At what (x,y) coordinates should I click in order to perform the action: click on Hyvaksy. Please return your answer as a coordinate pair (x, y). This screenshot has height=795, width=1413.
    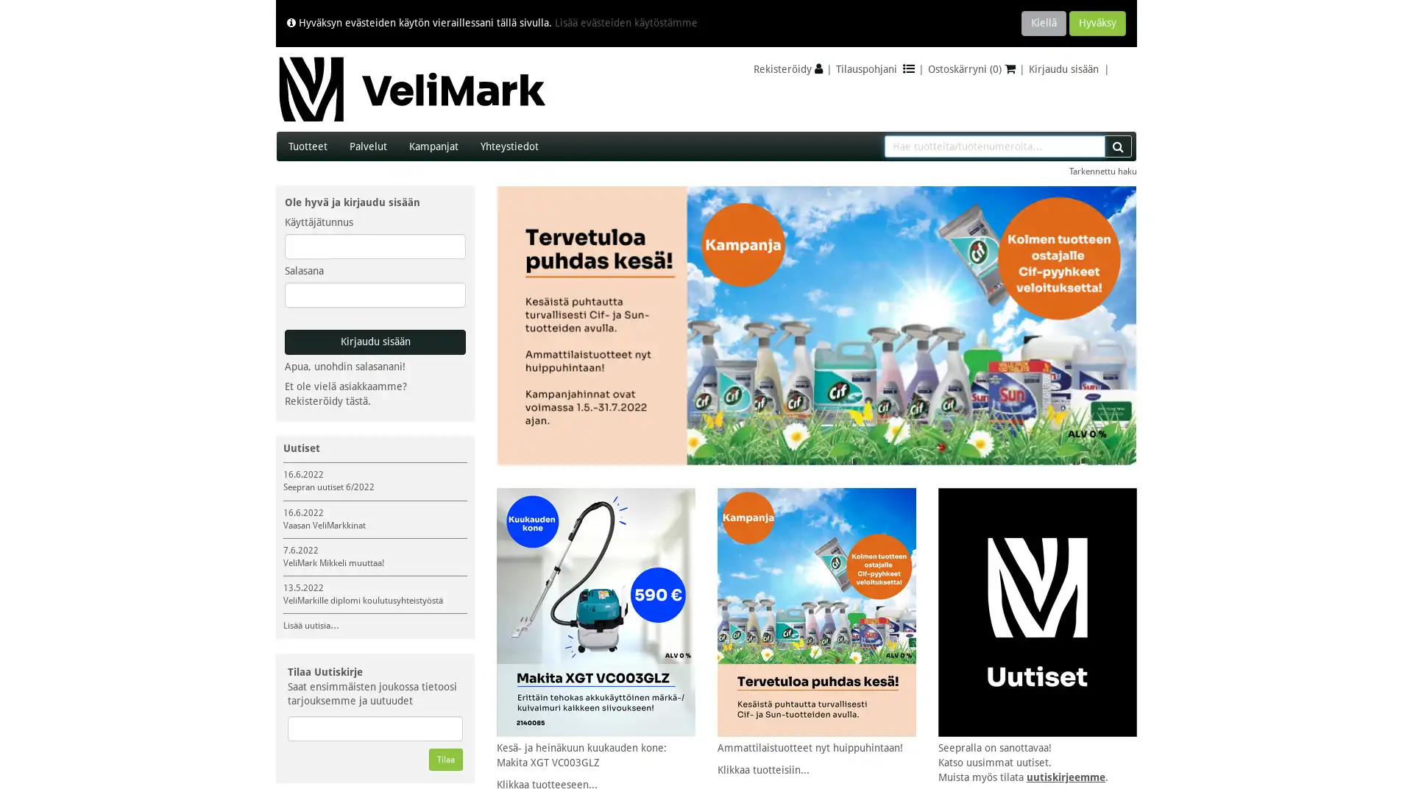
    Looking at the image, I should click on (1097, 23).